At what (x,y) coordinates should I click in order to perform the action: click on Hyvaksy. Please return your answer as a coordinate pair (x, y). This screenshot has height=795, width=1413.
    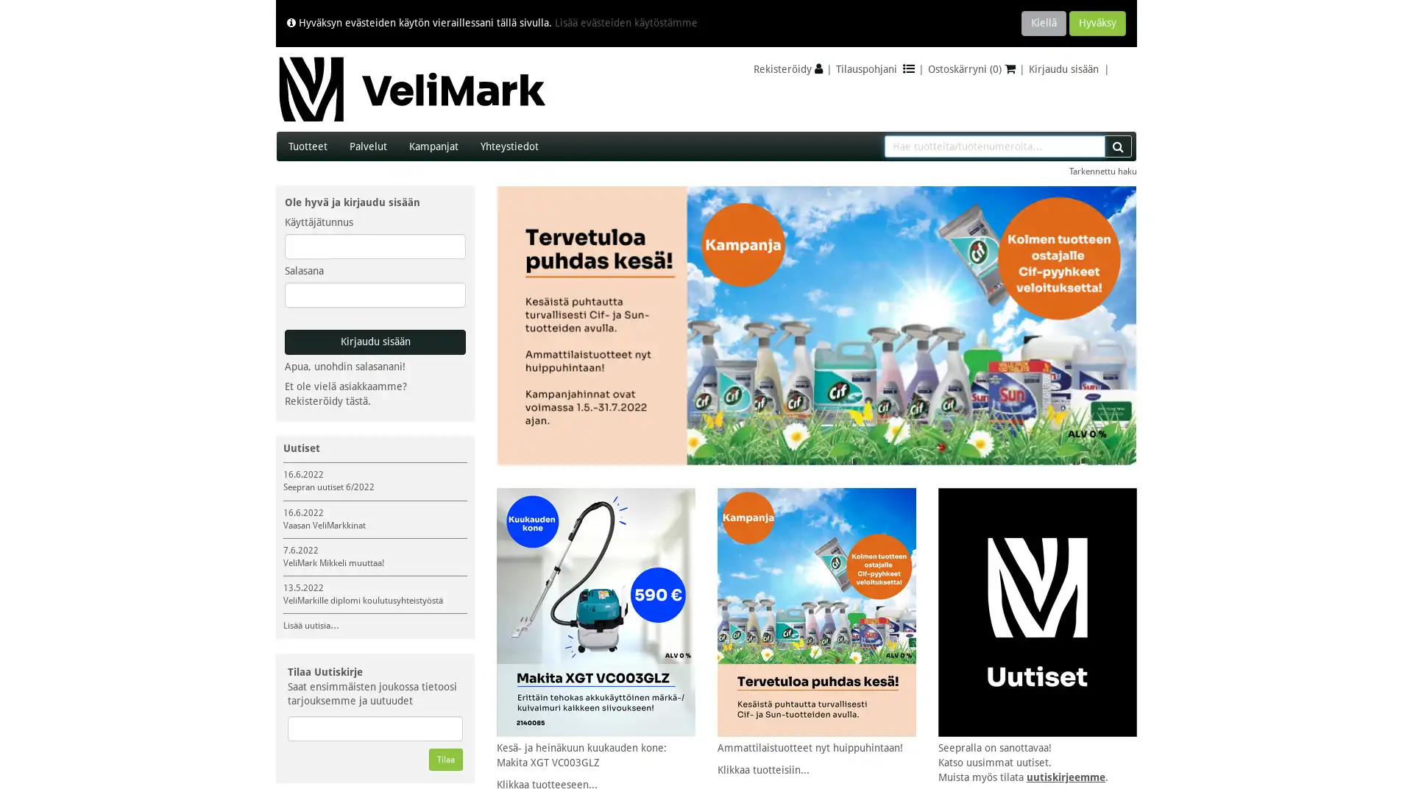
    Looking at the image, I should click on (1097, 23).